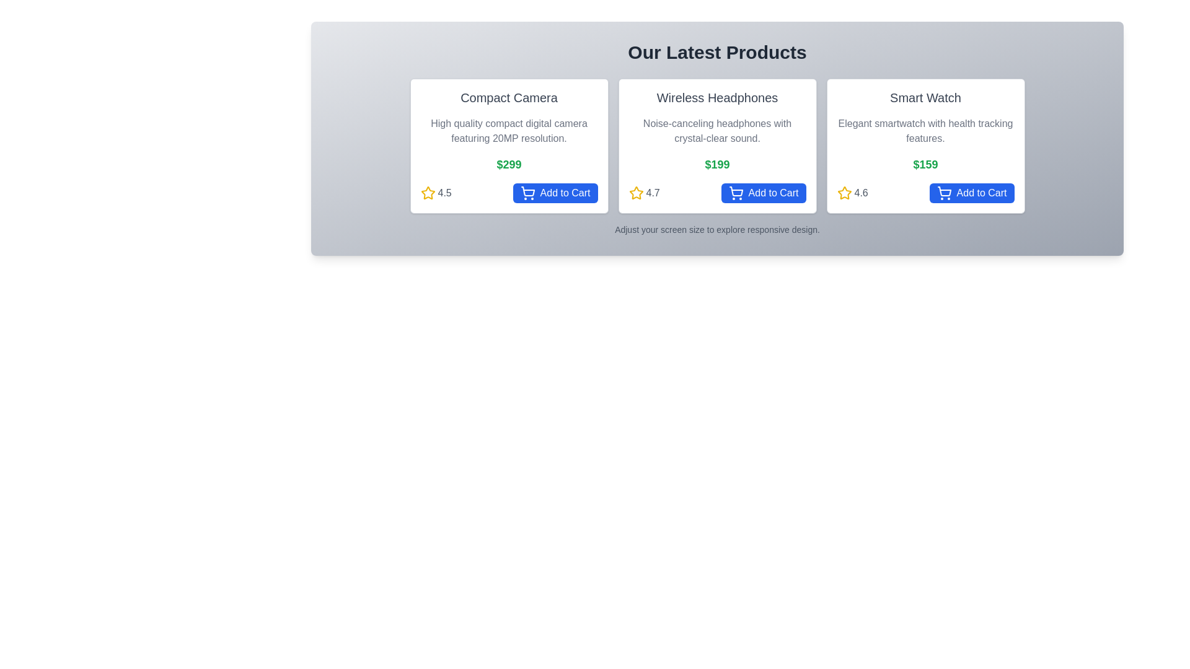  I want to click on the text label that serves as the title for the products section, indicating the latest available products, so click(717, 51).